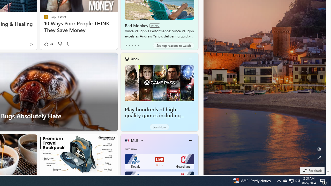 This screenshot has height=186, width=331. Describe the element at coordinates (139, 45) in the screenshot. I see `'tab-4'` at that location.